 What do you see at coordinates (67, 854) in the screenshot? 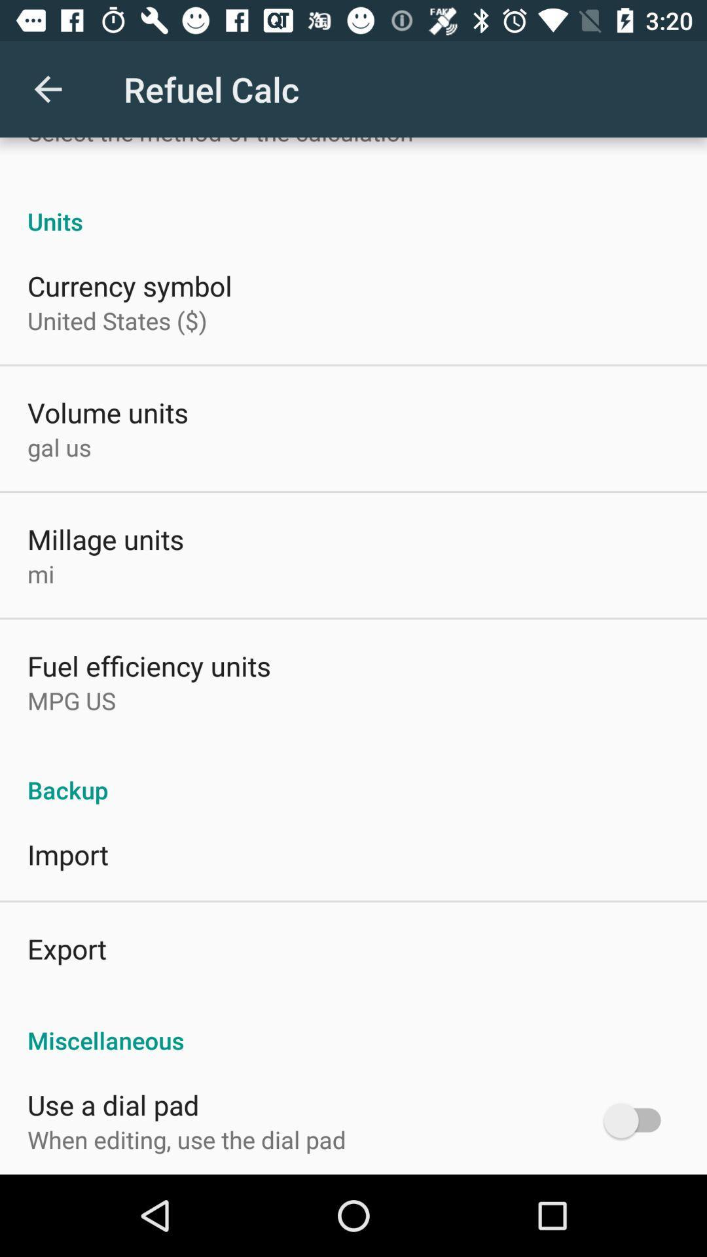
I see `the item below backup app` at bounding box center [67, 854].